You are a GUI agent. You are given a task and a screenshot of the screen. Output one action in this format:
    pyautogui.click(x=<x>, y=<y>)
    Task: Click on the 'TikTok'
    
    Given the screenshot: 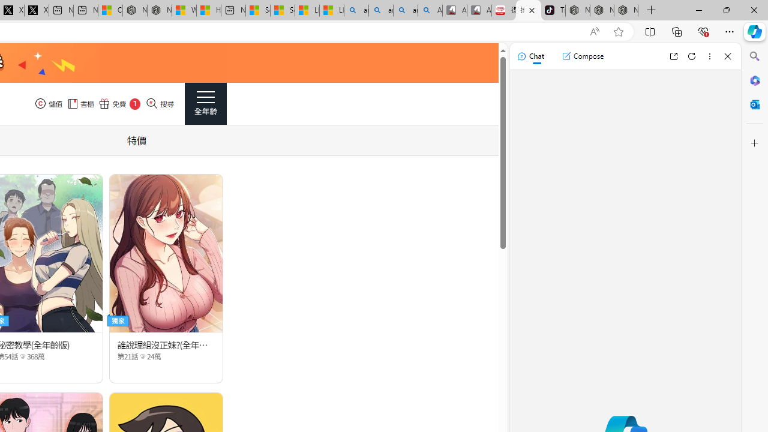 What is the action you would take?
    pyautogui.click(x=553, y=10)
    